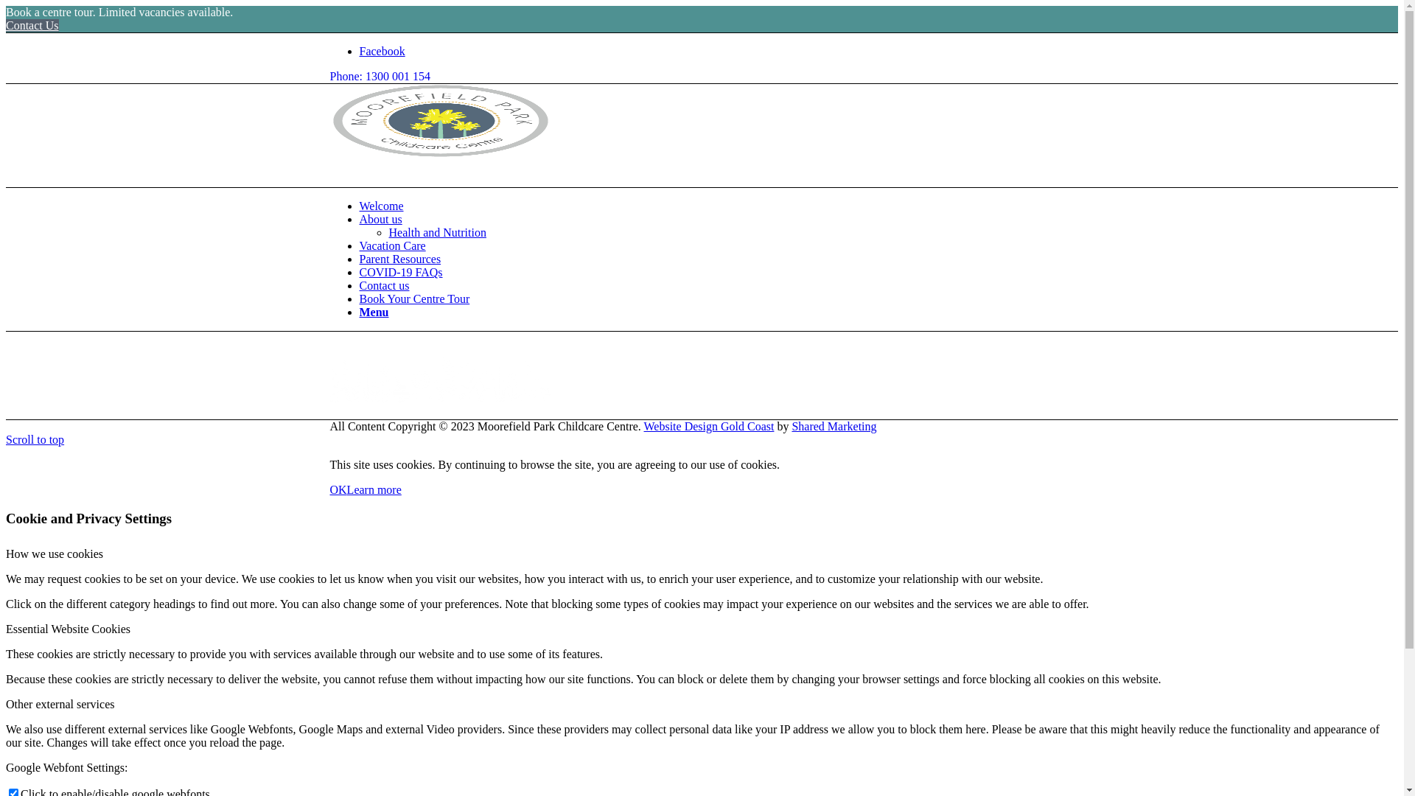 The image size is (1415, 796). I want to click on 'Contact Us', so click(32, 25).